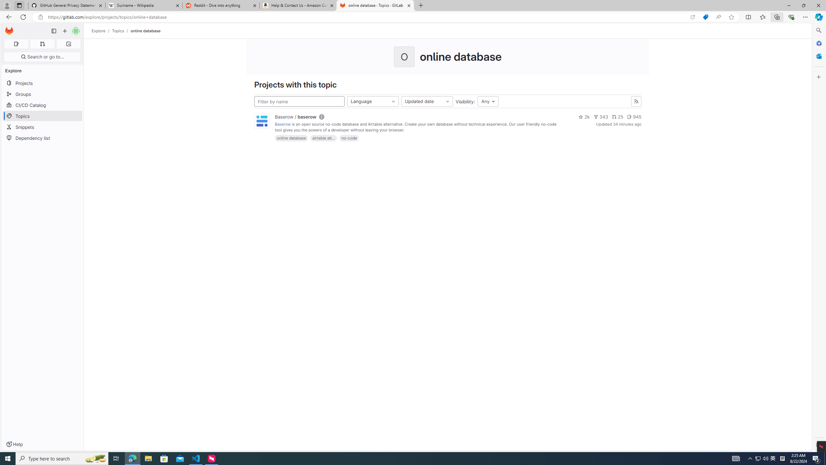  Describe the element at coordinates (42, 137) in the screenshot. I see `'Dependency list'` at that location.